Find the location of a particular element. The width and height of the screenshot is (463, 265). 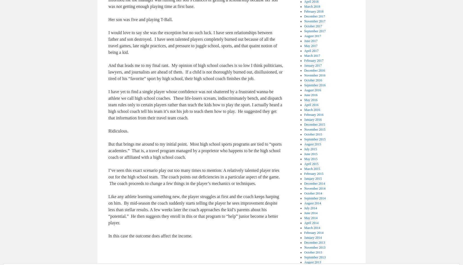

'December 2017' is located at coordinates (314, 16).